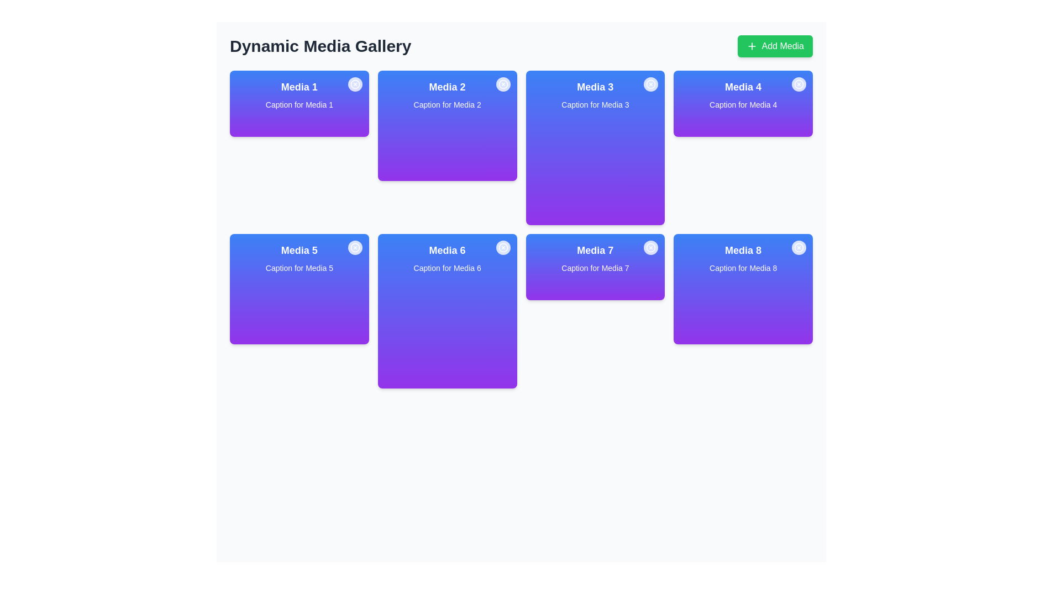 This screenshot has height=596, width=1061. What do you see at coordinates (299, 87) in the screenshot?
I see `text label 'Media 1' located at the top of the first card in the grid layout, which serves as a brief identifier for the card's content` at bounding box center [299, 87].